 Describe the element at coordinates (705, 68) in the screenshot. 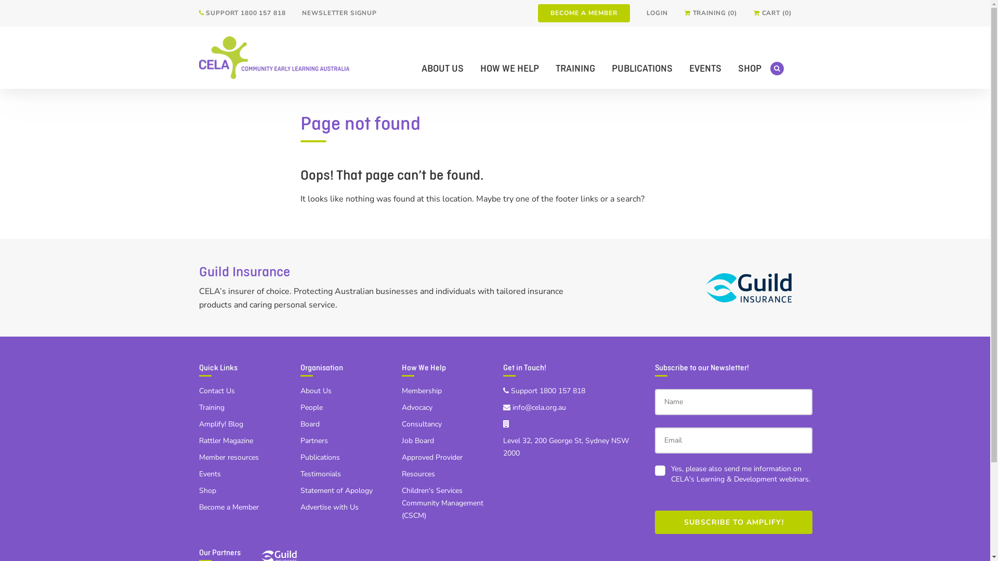

I see `'EVENTS'` at that location.